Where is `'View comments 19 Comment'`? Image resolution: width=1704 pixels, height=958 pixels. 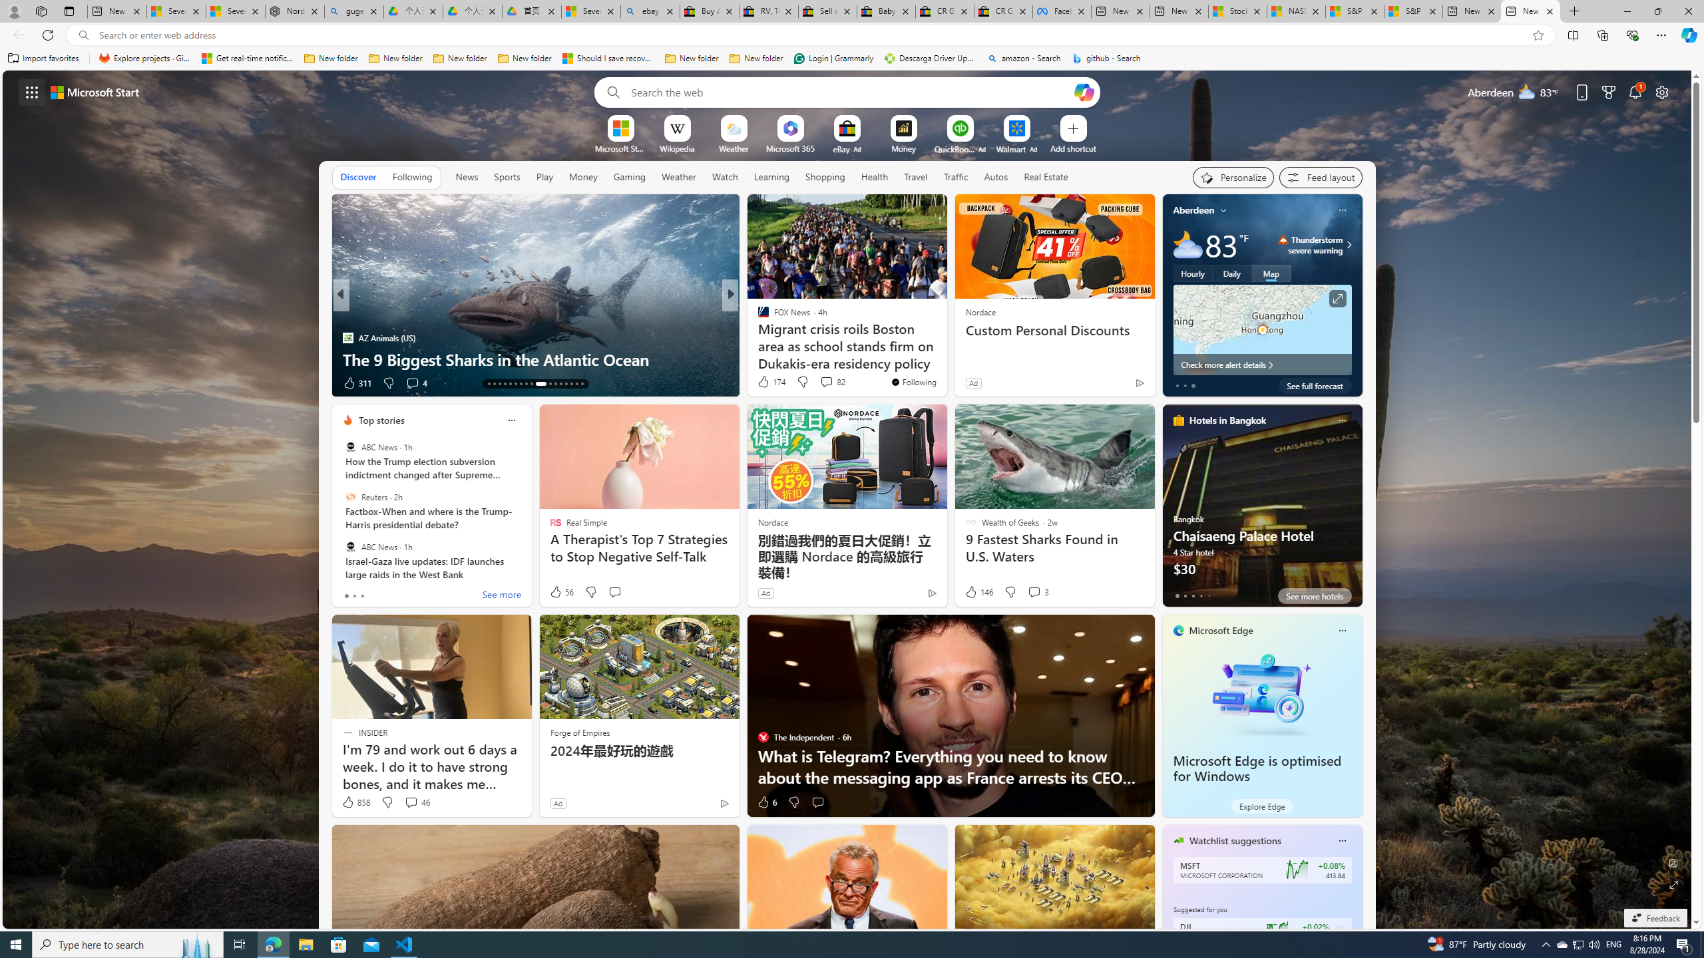 'View comments 19 Comment' is located at coordinates (817, 382).